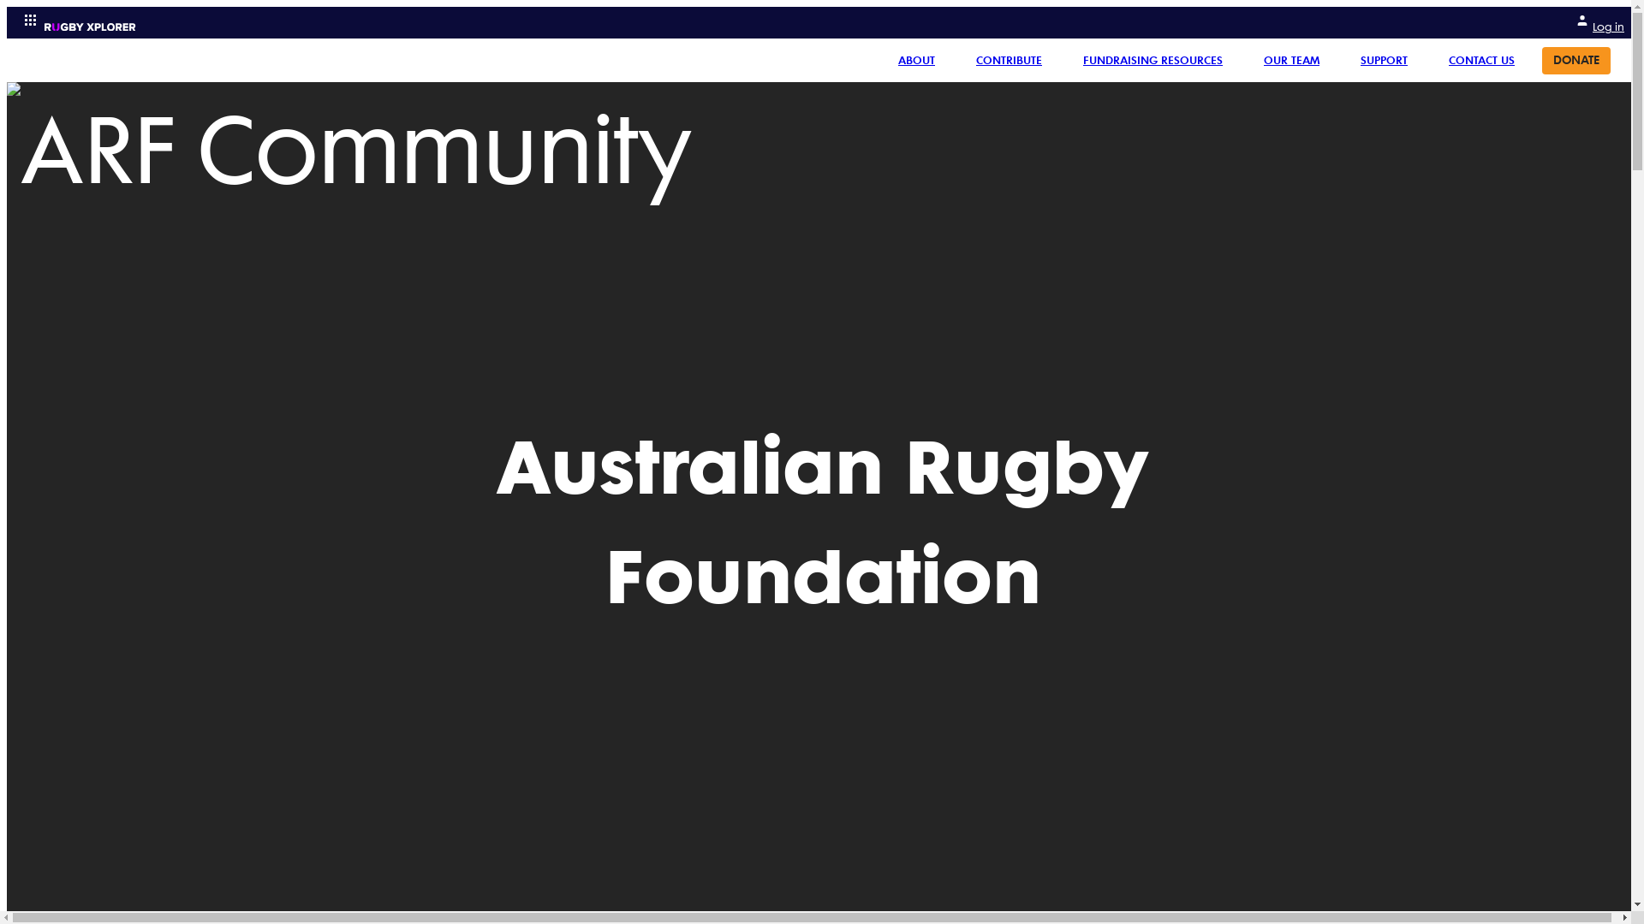 The height and width of the screenshot is (924, 1644). Describe the element at coordinates (962, 59) in the screenshot. I see `'CONTRIBUTE'` at that location.